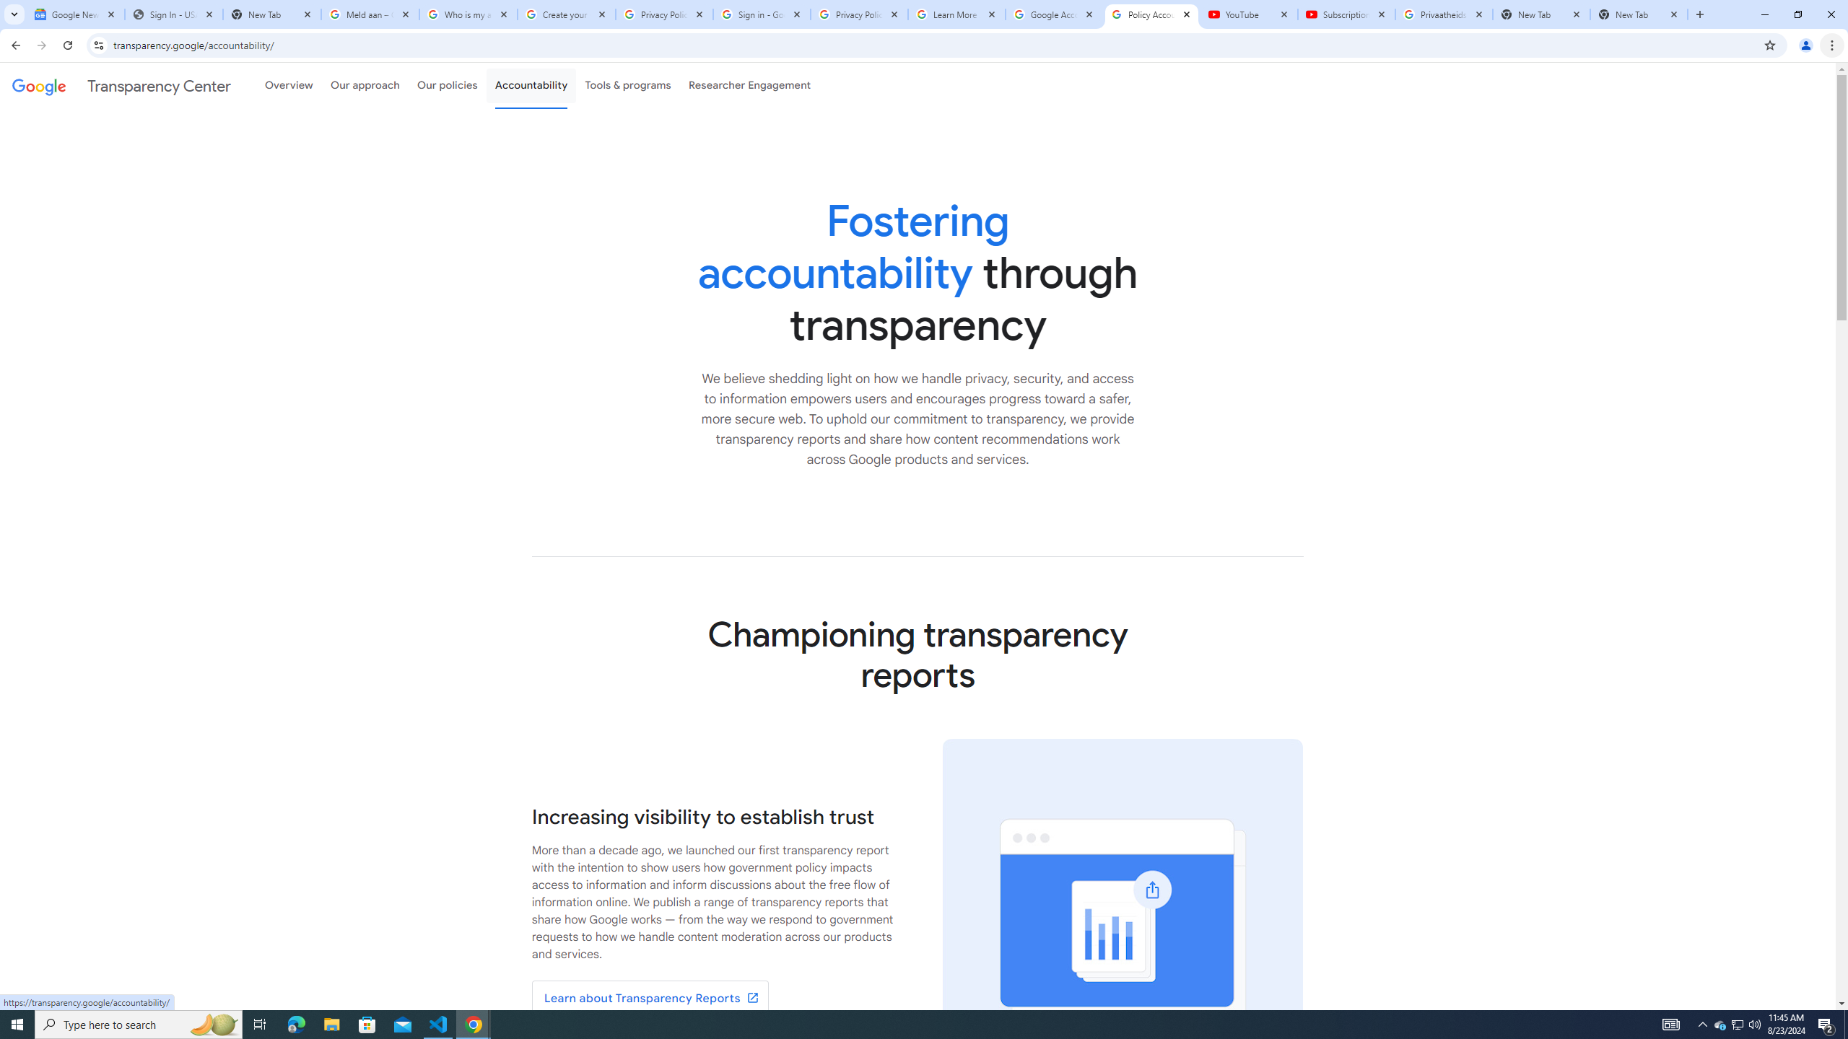  What do you see at coordinates (1639, 14) in the screenshot?
I see `'New Tab'` at bounding box center [1639, 14].